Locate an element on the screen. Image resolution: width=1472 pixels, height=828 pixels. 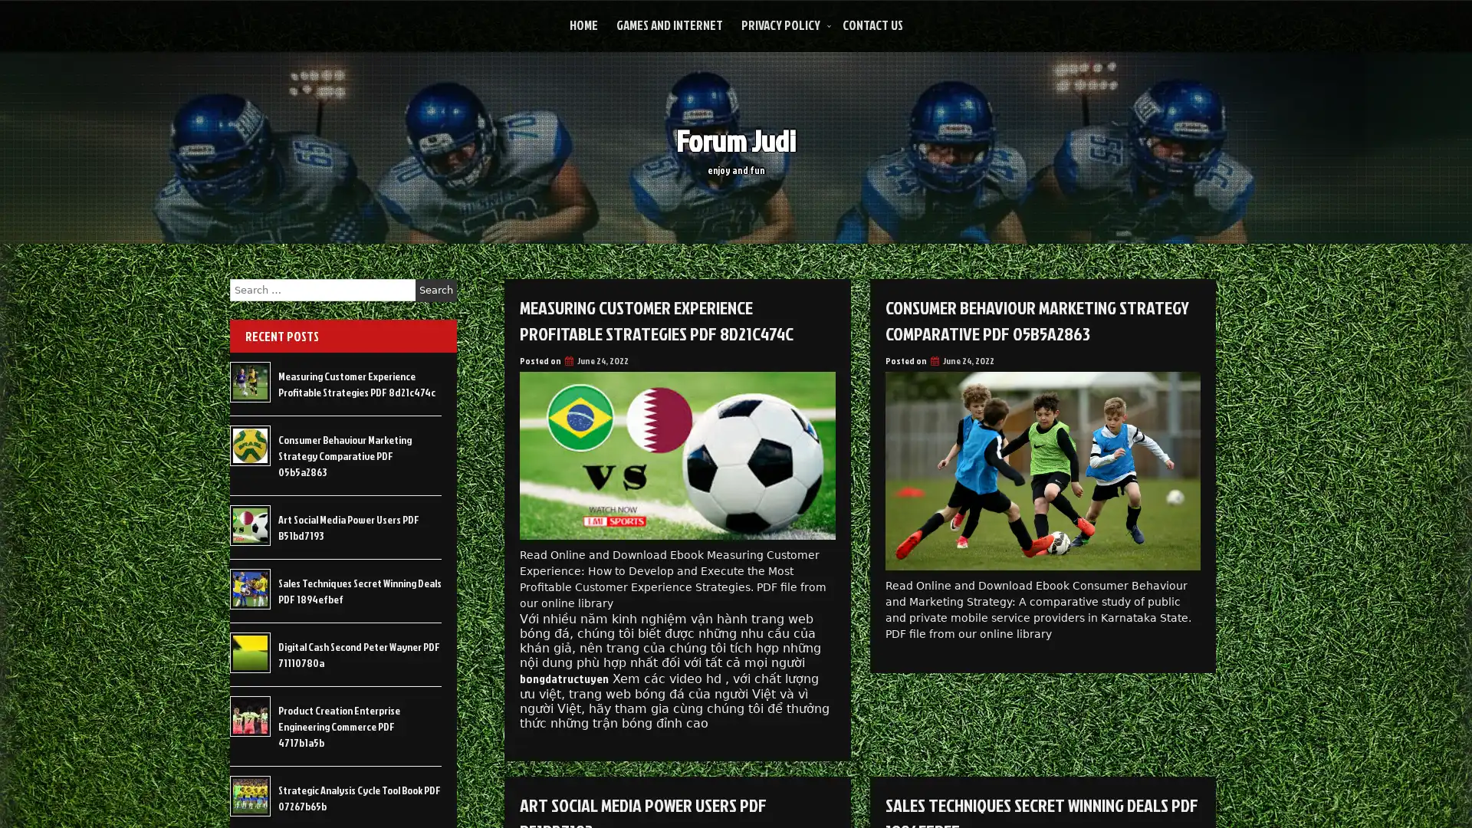
Search is located at coordinates (435, 290).